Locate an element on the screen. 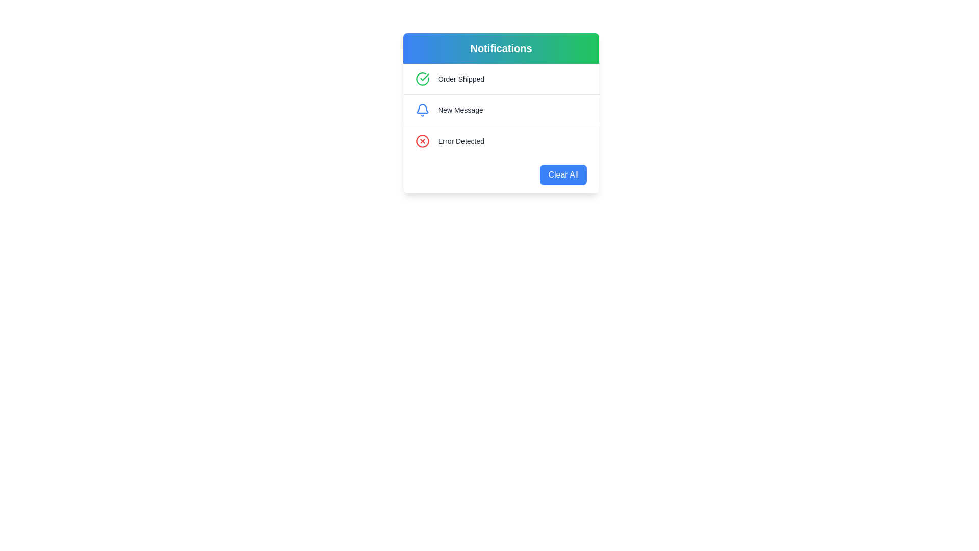  the red circular icon with a white background, representing an 'error' or 'close' symbol is located at coordinates (423, 141).